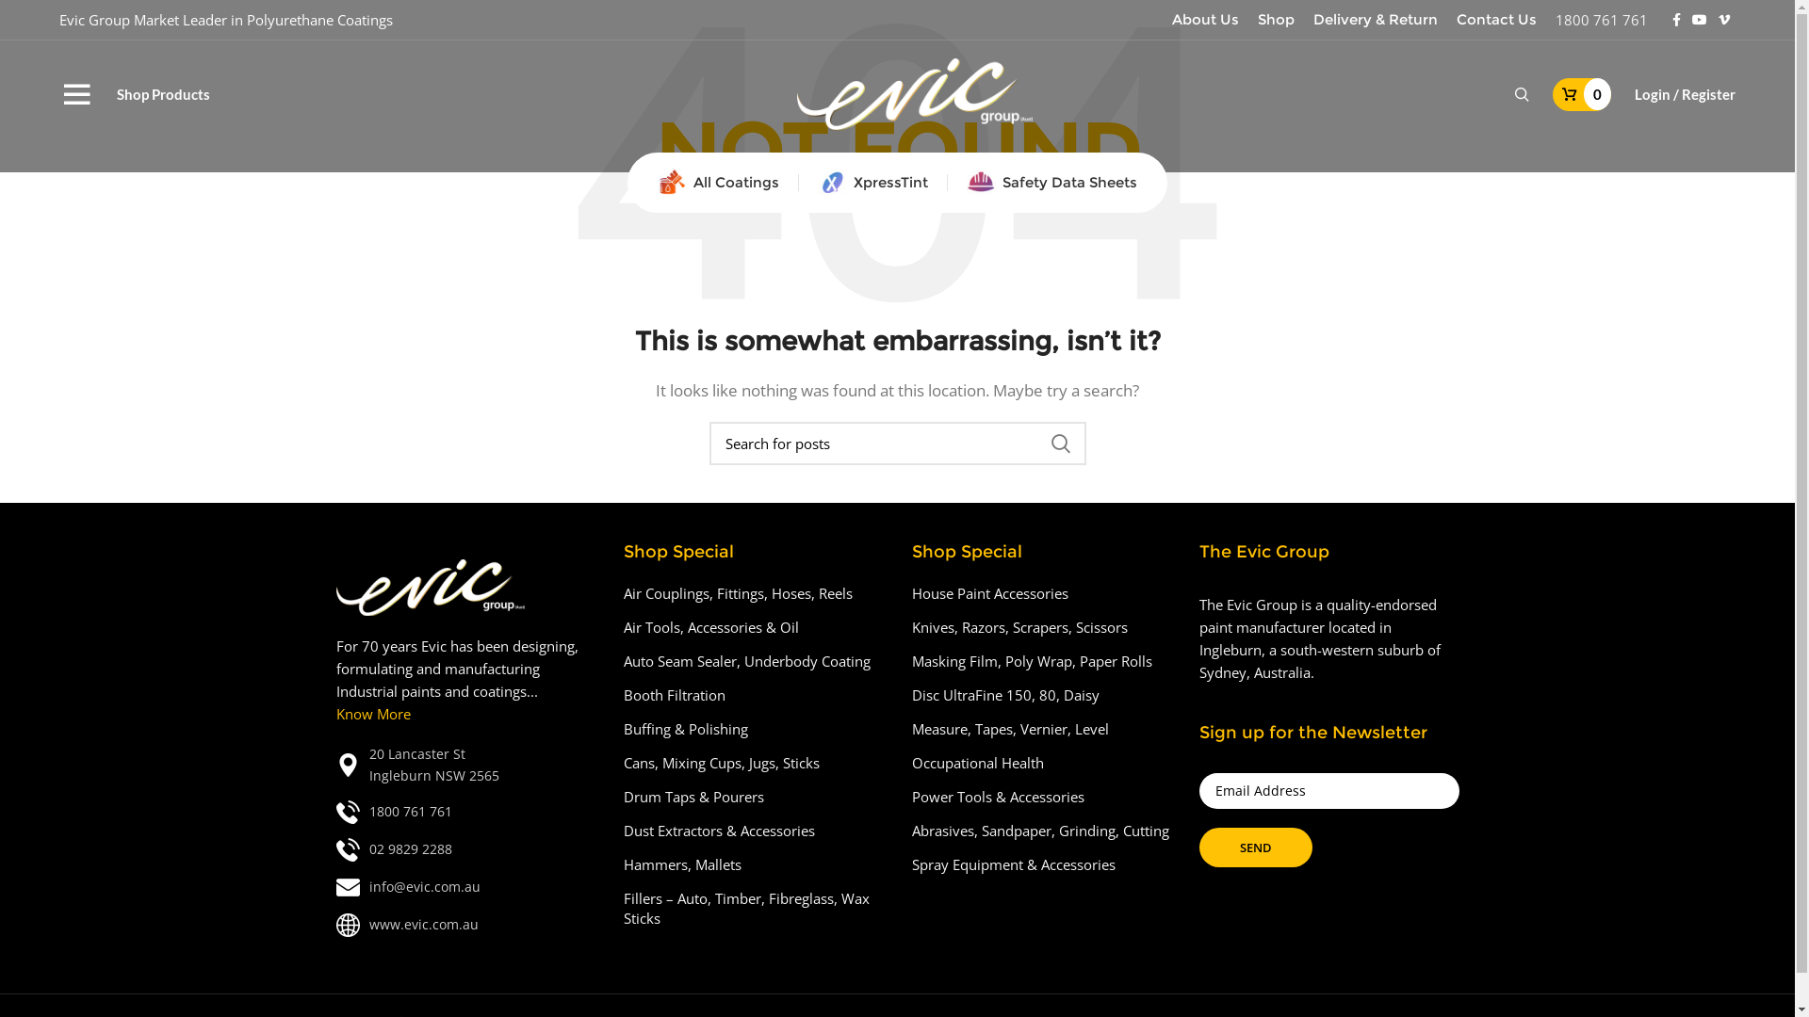 This screenshot has height=1017, width=1809. Describe the element at coordinates (746, 660) in the screenshot. I see `'Auto Seam Sealer, Underbody Coating'` at that location.